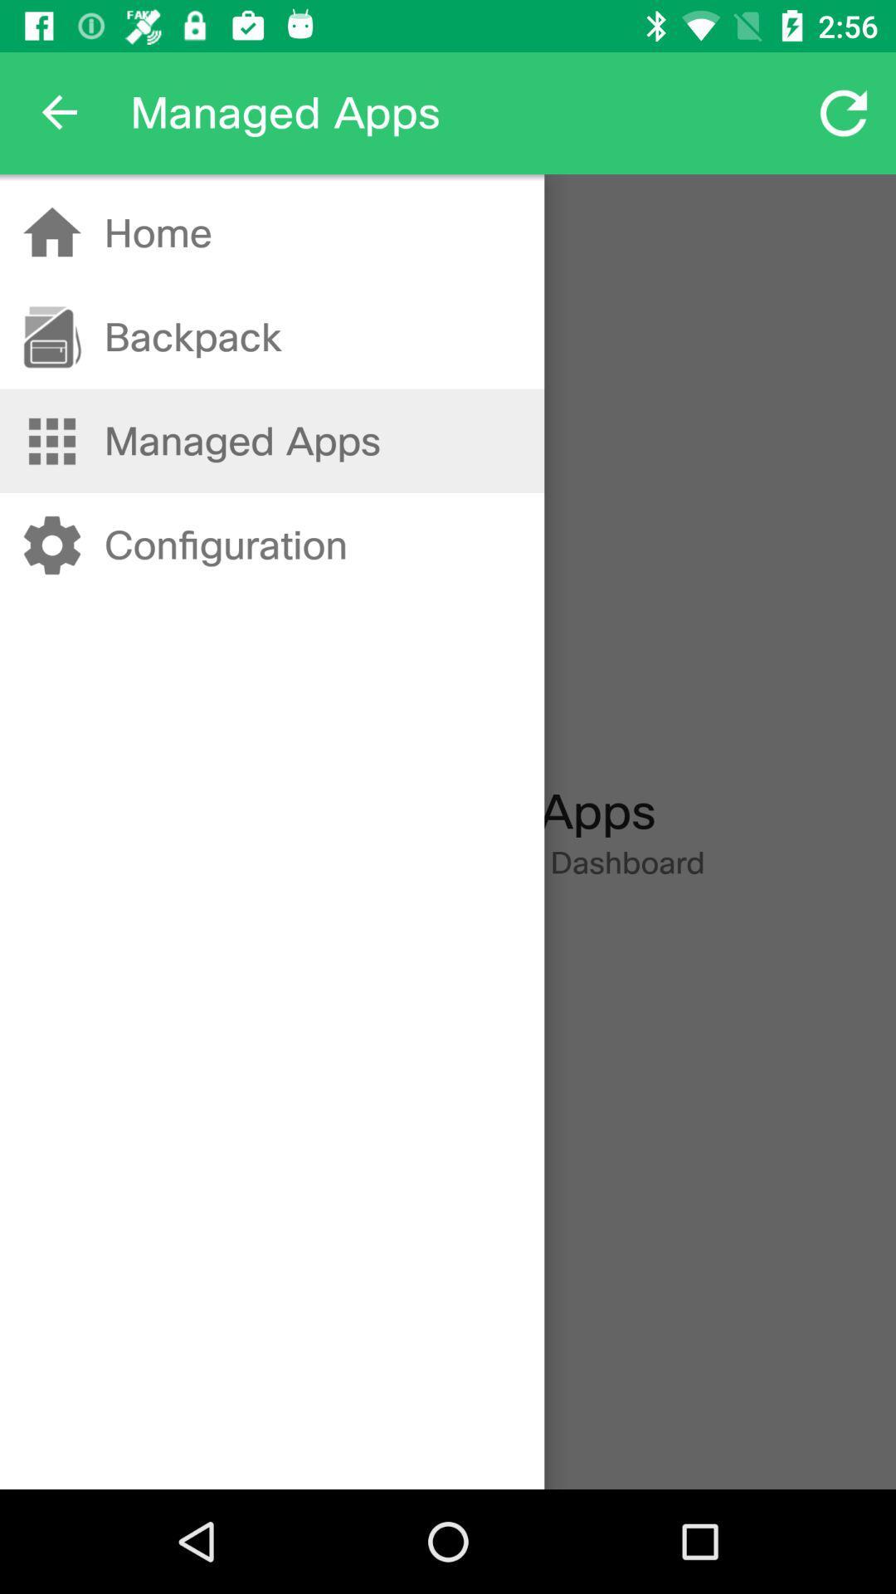 Image resolution: width=896 pixels, height=1594 pixels. I want to click on the backpack, so click(192, 336).